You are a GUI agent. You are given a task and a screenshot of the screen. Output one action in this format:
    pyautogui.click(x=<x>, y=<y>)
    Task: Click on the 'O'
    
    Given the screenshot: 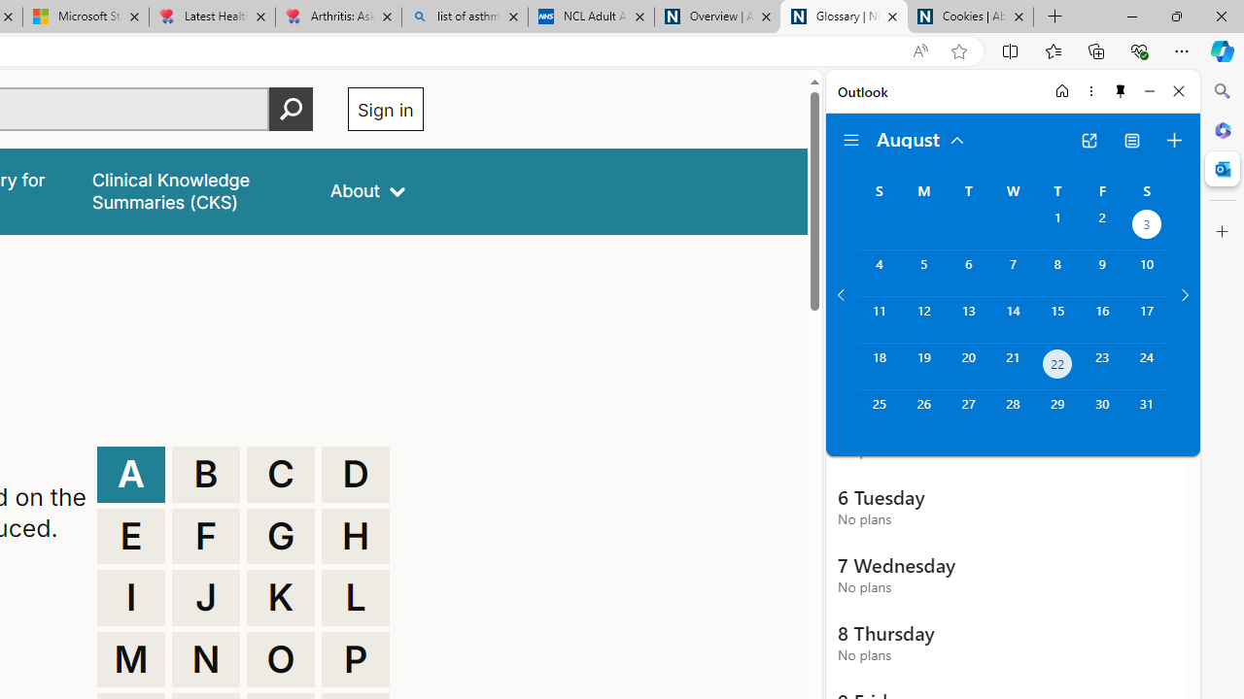 What is the action you would take?
    pyautogui.click(x=280, y=658)
    